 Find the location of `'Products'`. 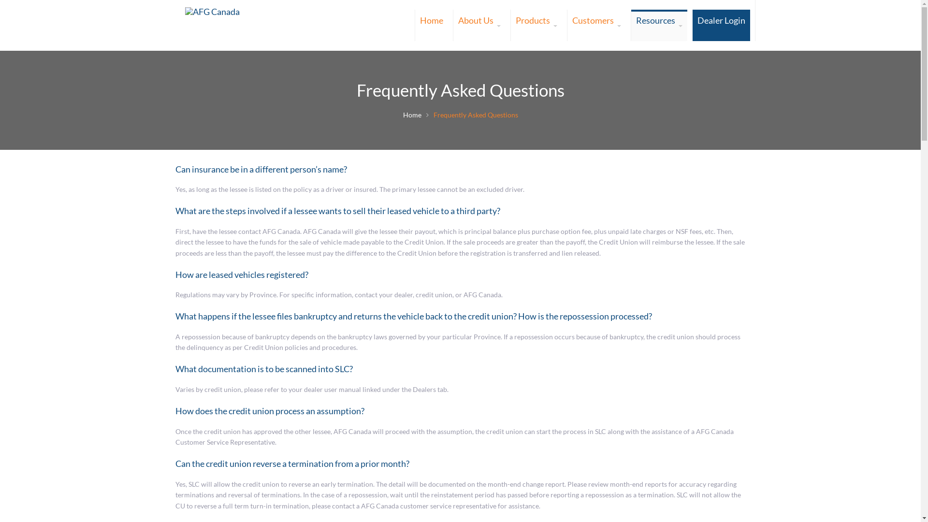

'Products' is located at coordinates (535, 25).